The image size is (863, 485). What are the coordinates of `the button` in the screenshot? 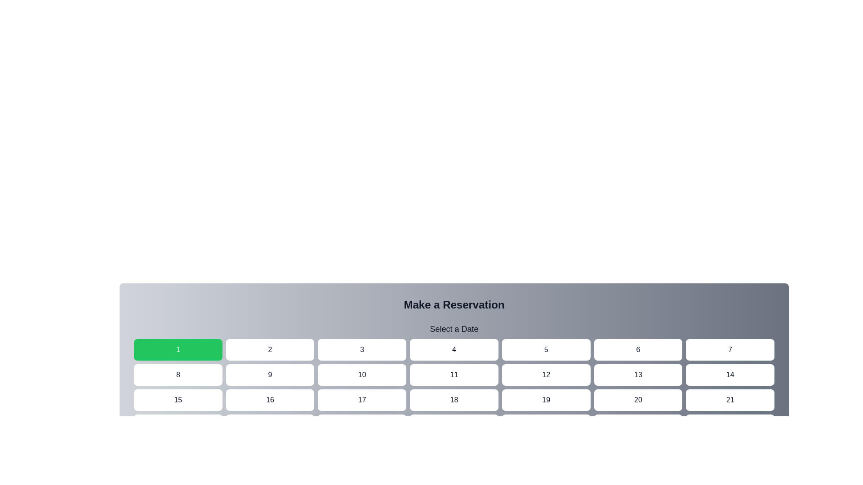 It's located at (546, 400).